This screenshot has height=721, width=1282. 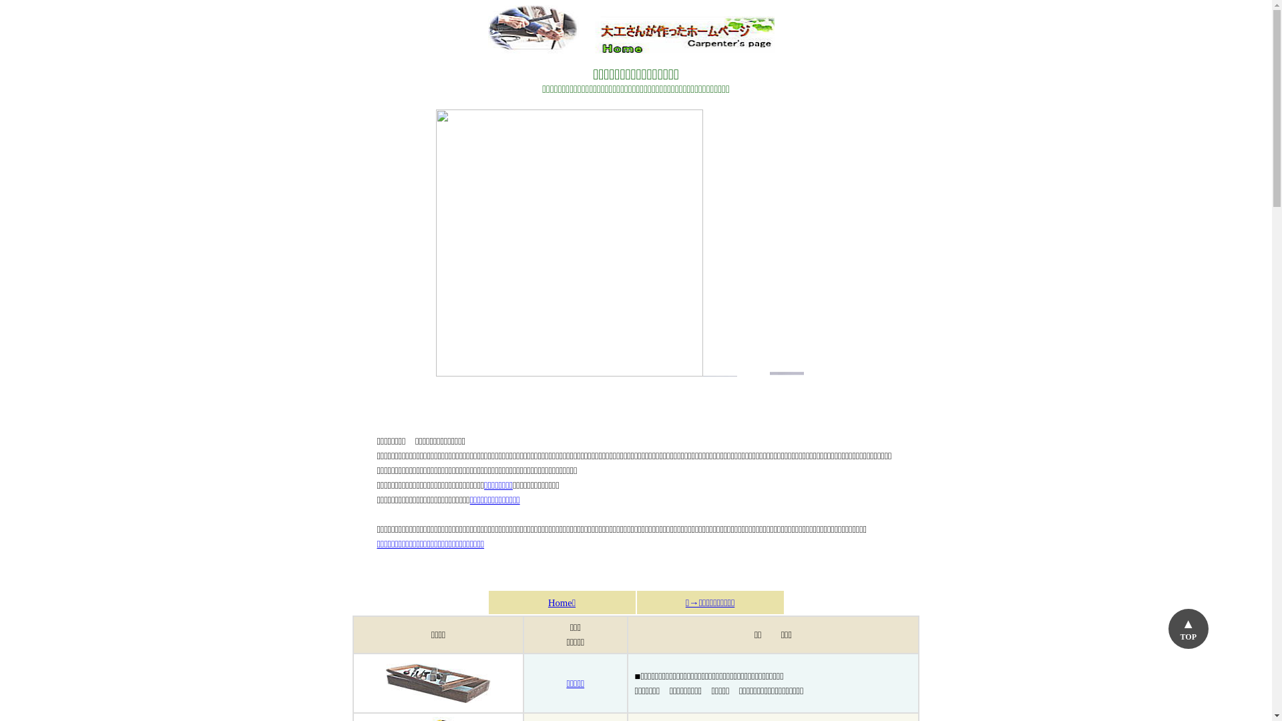 What do you see at coordinates (1168, 628) in the screenshot?
I see `'TOP'` at bounding box center [1168, 628].